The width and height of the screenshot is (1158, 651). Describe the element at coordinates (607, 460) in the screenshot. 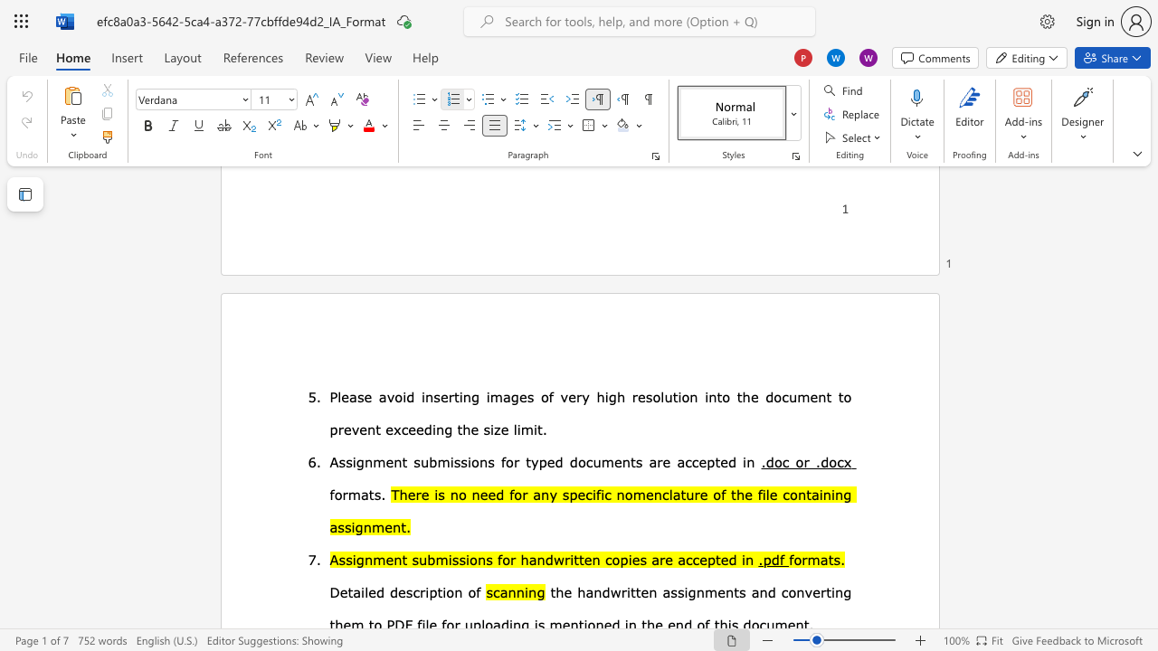

I see `the 1th character "m" in the text` at that location.